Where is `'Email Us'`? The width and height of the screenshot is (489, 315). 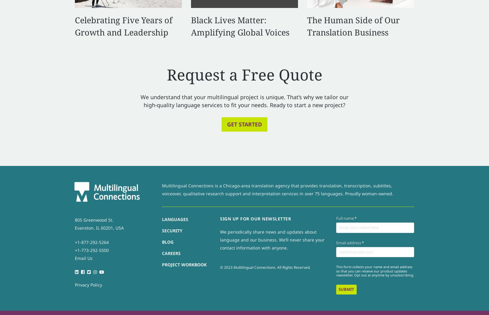 'Email Us' is located at coordinates (84, 258).